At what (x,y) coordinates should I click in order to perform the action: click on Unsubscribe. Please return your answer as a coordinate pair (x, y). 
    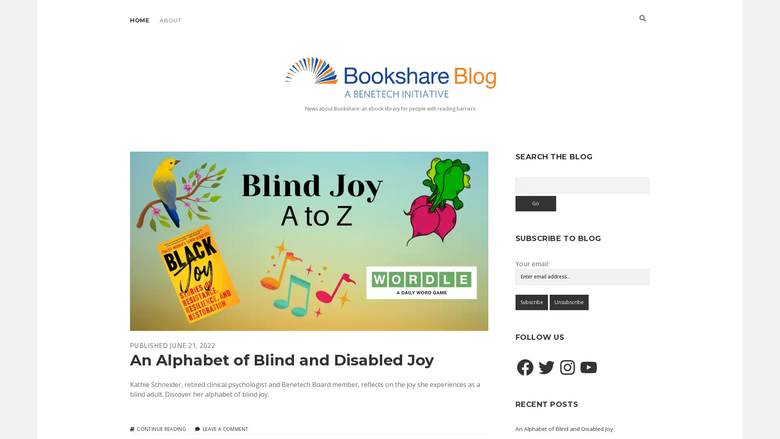
    Looking at the image, I should click on (568, 302).